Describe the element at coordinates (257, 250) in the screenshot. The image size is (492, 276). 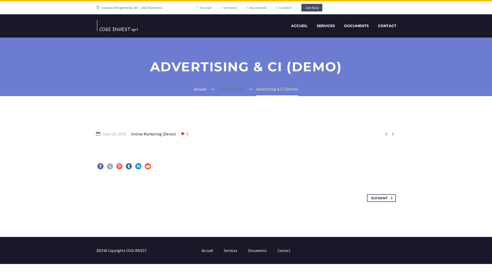
I see `'Documents'` at that location.